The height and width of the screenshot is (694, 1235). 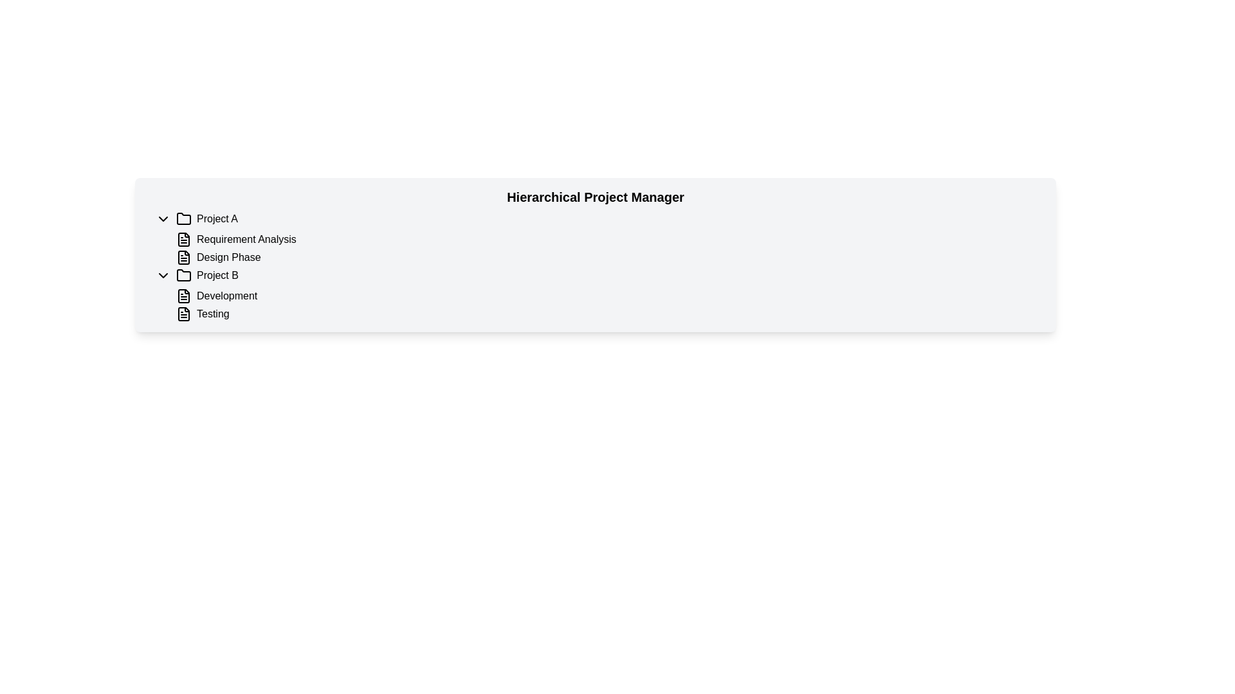 What do you see at coordinates (217, 274) in the screenshot?
I see `the text label displaying 'Project B' for navigation within the project management interface` at bounding box center [217, 274].